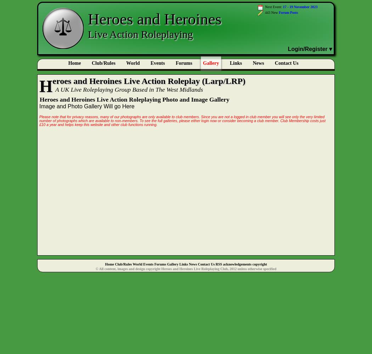 The height and width of the screenshot is (354, 372). Describe the element at coordinates (140, 34) in the screenshot. I see `'Live Action Roleplaying'` at that location.